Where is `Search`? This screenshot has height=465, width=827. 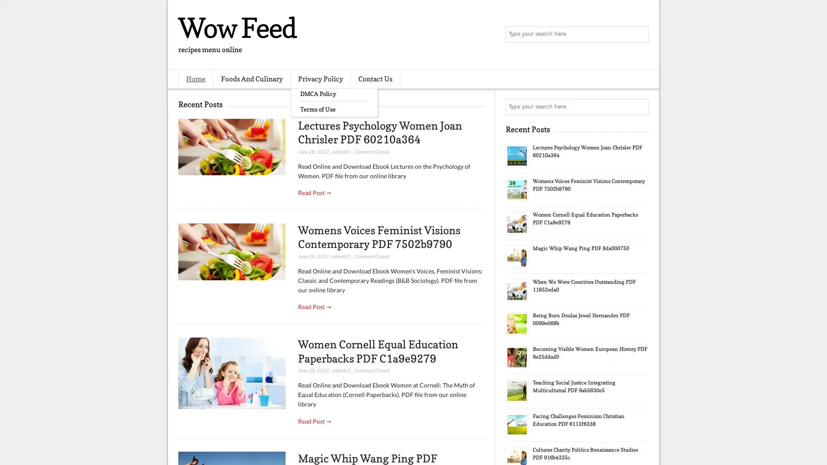 Search is located at coordinates (640, 107).